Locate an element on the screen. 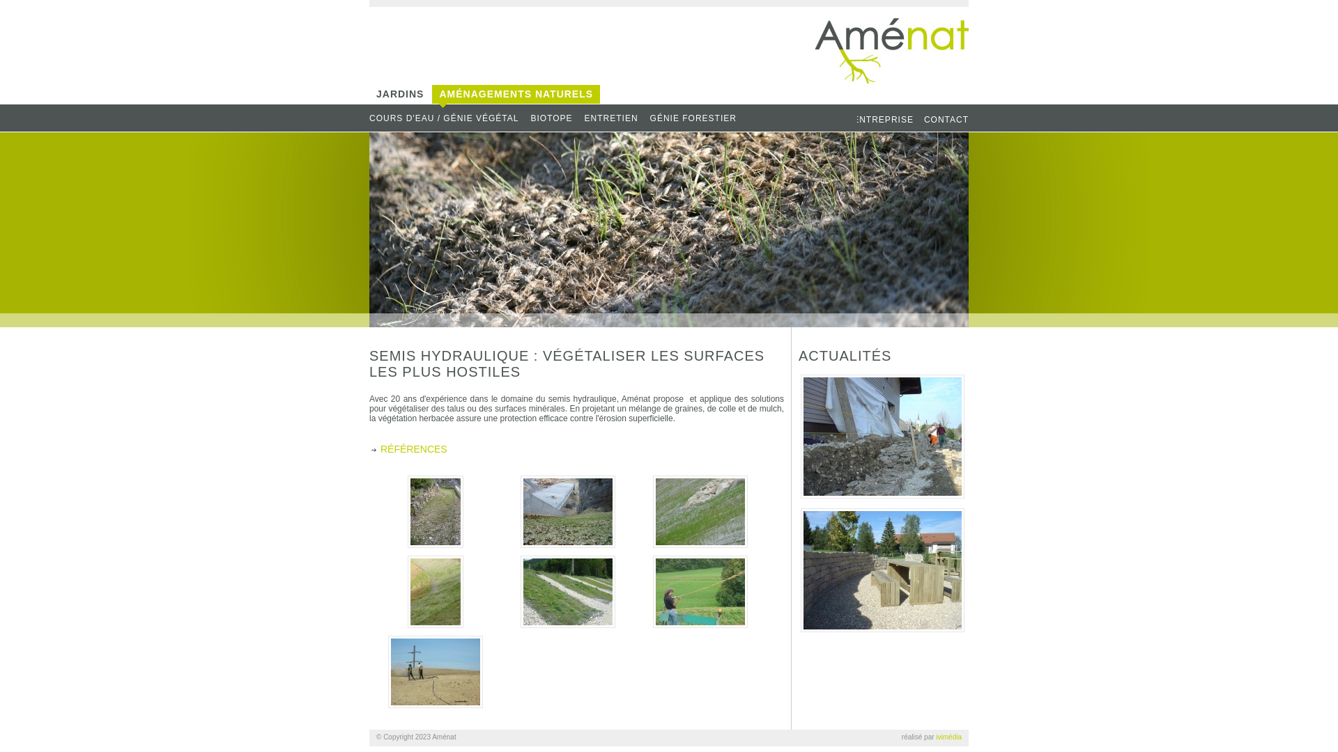 The width and height of the screenshot is (1338, 752). 'BIOTOPE' is located at coordinates (555, 118).